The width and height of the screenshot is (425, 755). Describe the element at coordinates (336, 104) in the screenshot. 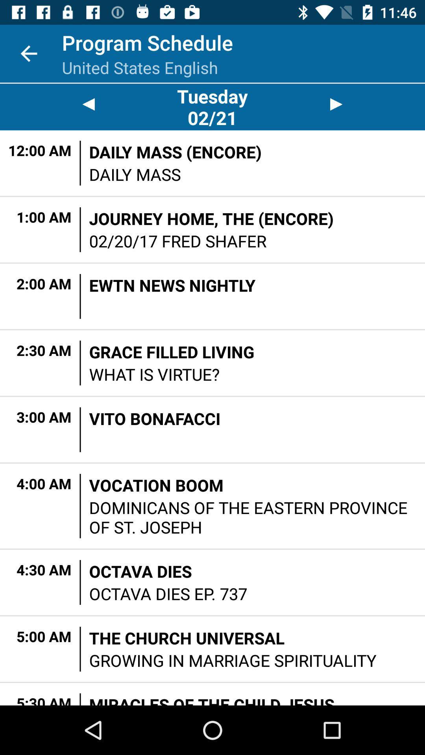

I see `the play icon` at that location.